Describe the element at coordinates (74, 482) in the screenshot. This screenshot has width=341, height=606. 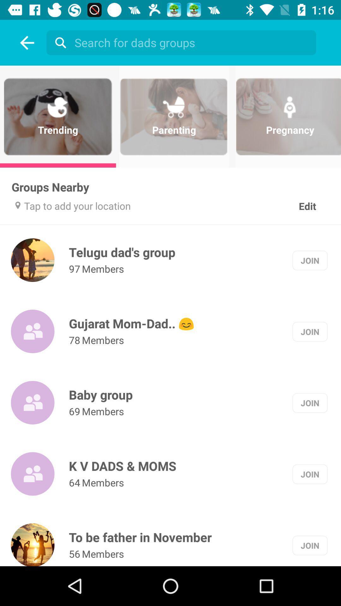
I see `item next to members item` at that location.